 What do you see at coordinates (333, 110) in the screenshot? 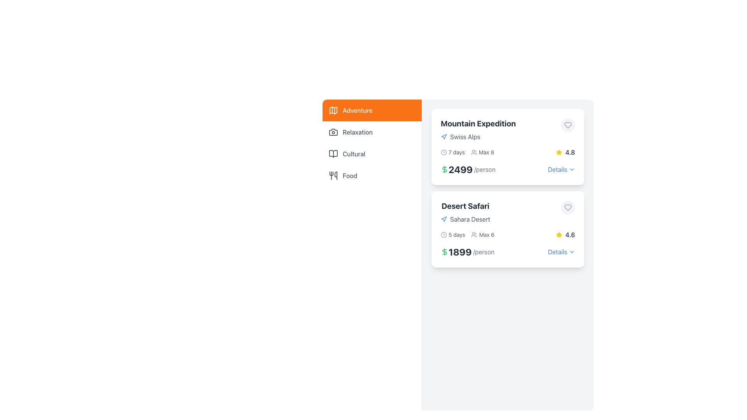
I see `the stylized map icon located in the orange-colored section of the left-side navigation bar, positioned at the top adjacent to the 'Adventure' label` at bounding box center [333, 110].